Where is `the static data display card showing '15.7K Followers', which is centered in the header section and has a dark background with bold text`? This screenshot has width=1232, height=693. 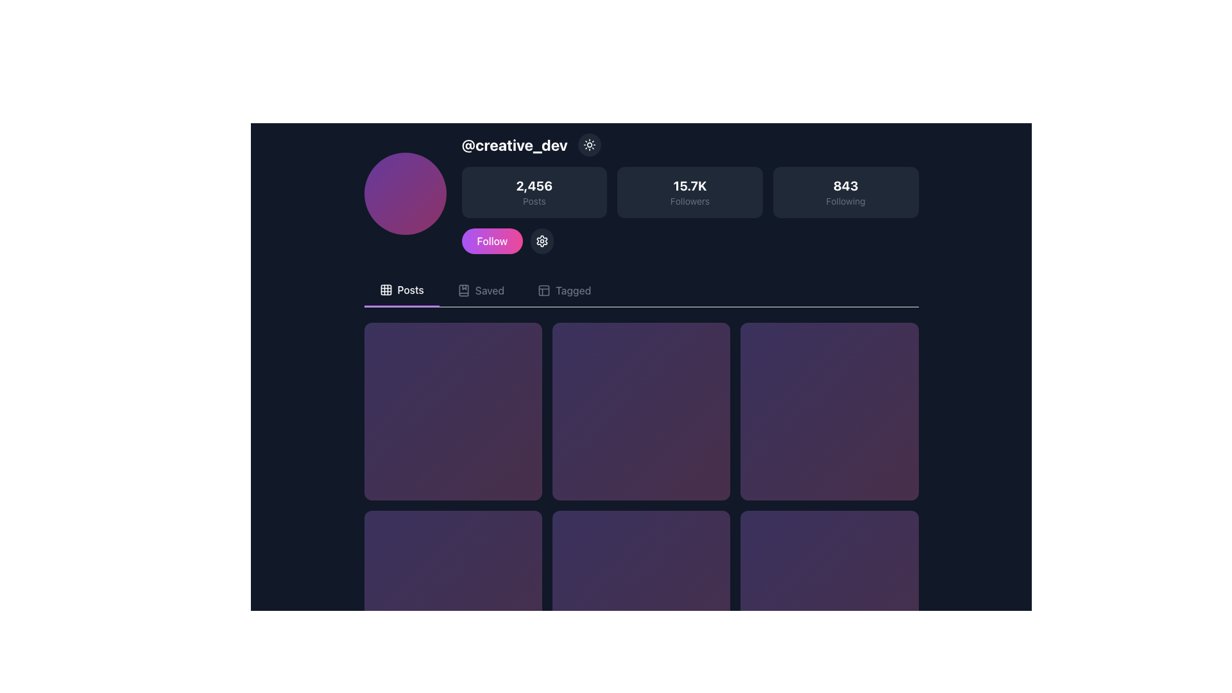
the static data display card showing '15.7K Followers', which is centered in the header section and has a dark background with bold text is located at coordinates (689, 193).